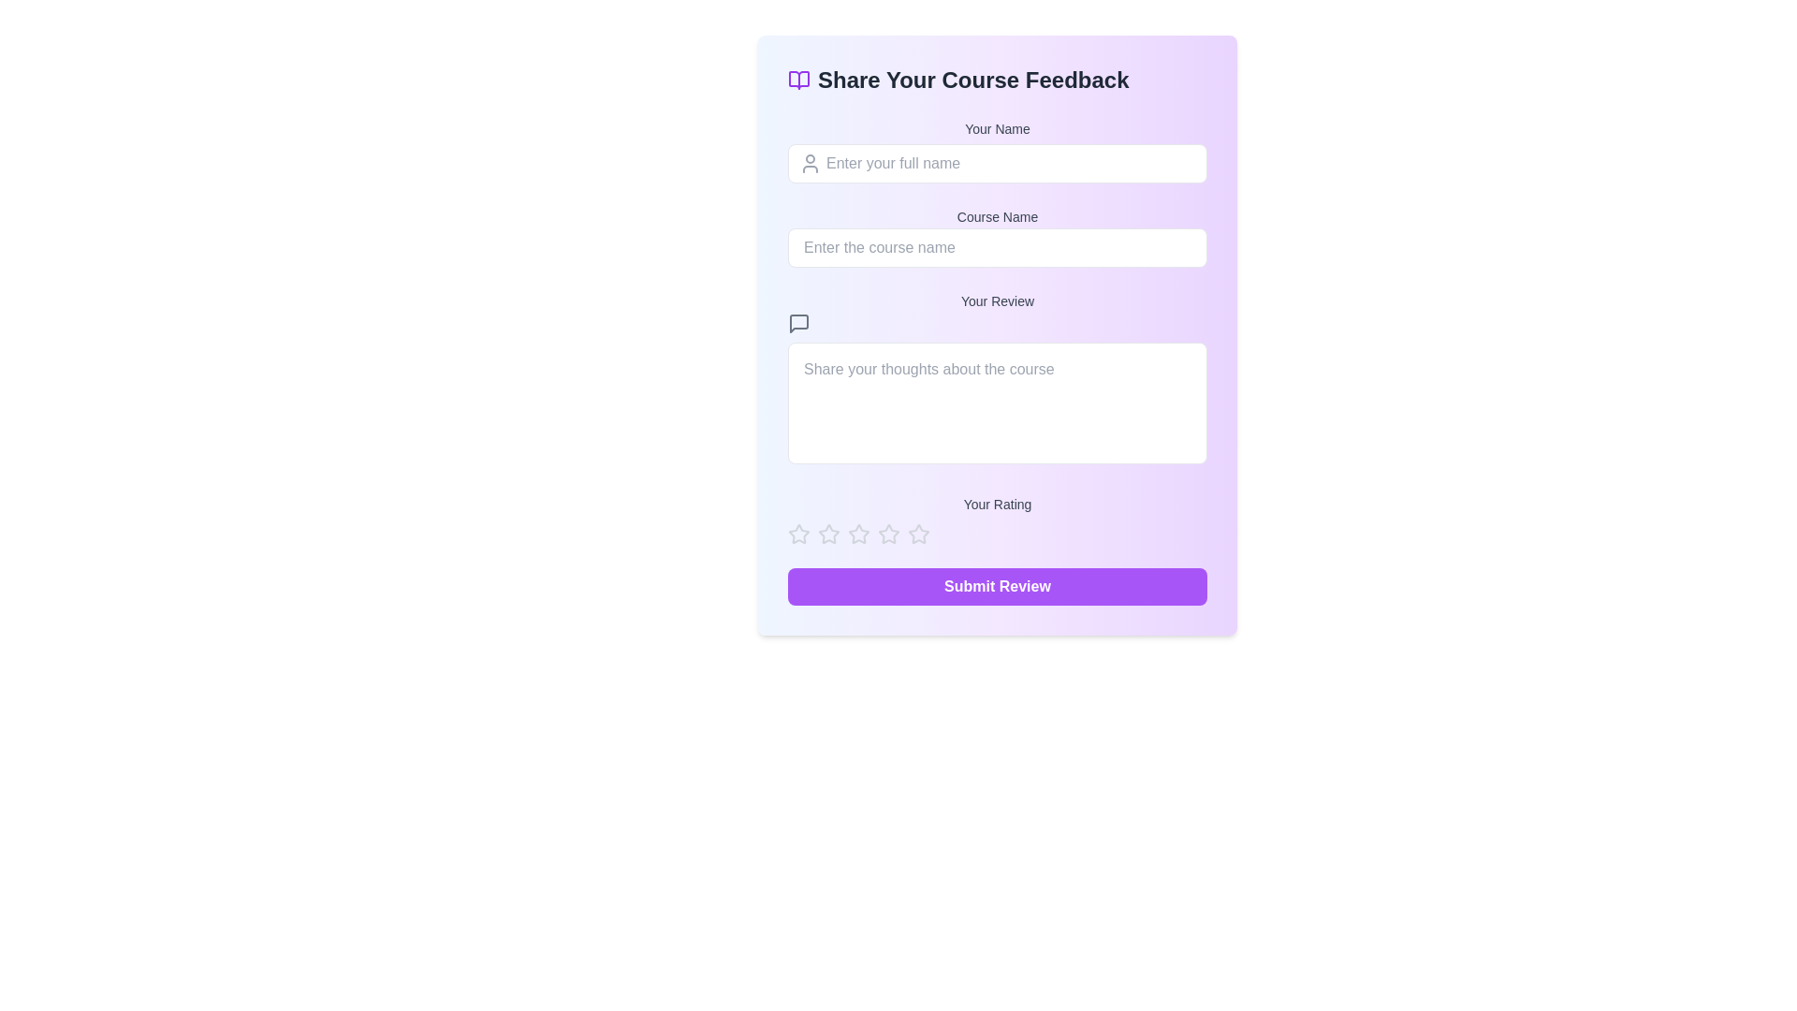 The width and height of the screenshot is (1797, 1011). Describe the element at coordinates (996, 215) in the screenshot. I see `the label reading 'Course Name' which is styled in gray color, positioned above the text input field in the 'Share Your Course Feedback' form` at that location.